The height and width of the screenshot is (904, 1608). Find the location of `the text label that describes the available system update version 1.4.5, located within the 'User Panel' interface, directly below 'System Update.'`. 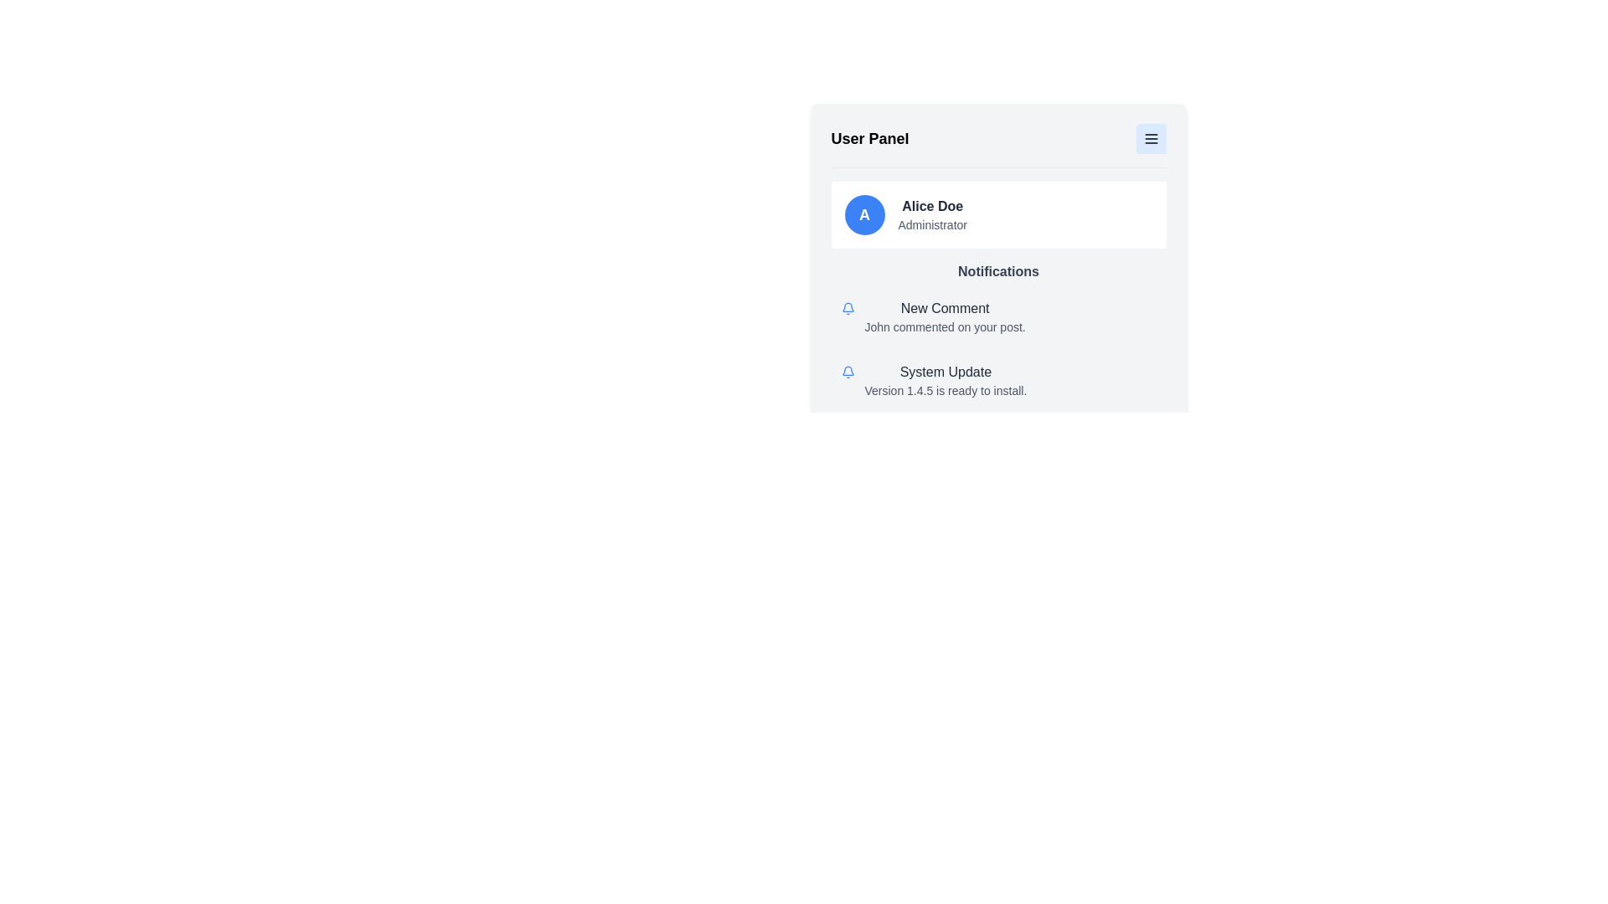

the text label that describes the available system update version 1.4.5, located within the 'User Panel' interface, directly below 'System Update.' is located at coordinates (946, 390).